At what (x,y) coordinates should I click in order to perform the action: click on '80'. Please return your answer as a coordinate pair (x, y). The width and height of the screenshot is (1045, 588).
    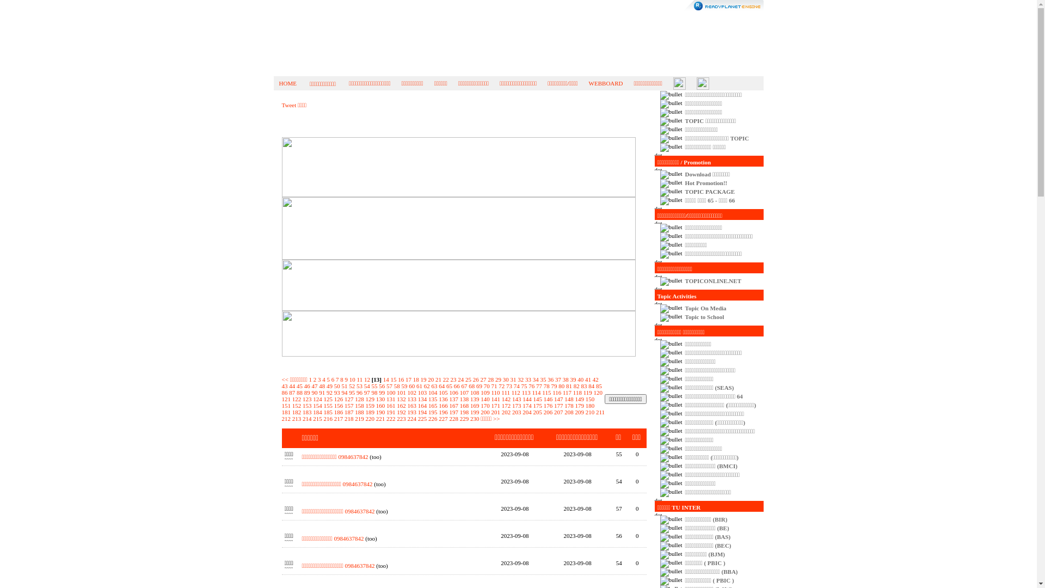
    Looking at the image, I should click on (561, 385).